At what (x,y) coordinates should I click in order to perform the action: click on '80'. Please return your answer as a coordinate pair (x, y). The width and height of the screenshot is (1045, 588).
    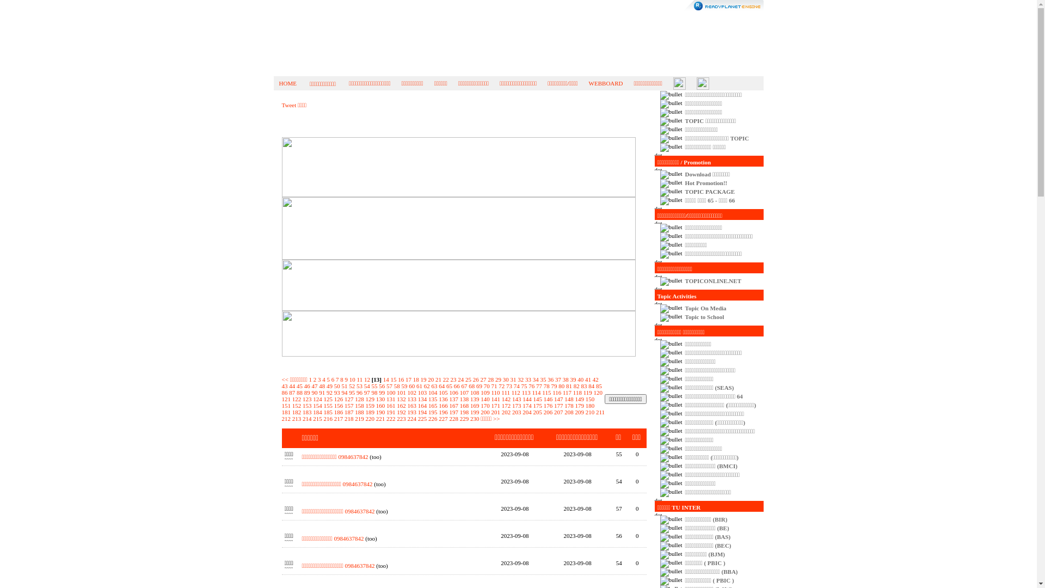
    Looking at the image, I should click on (561, 385).